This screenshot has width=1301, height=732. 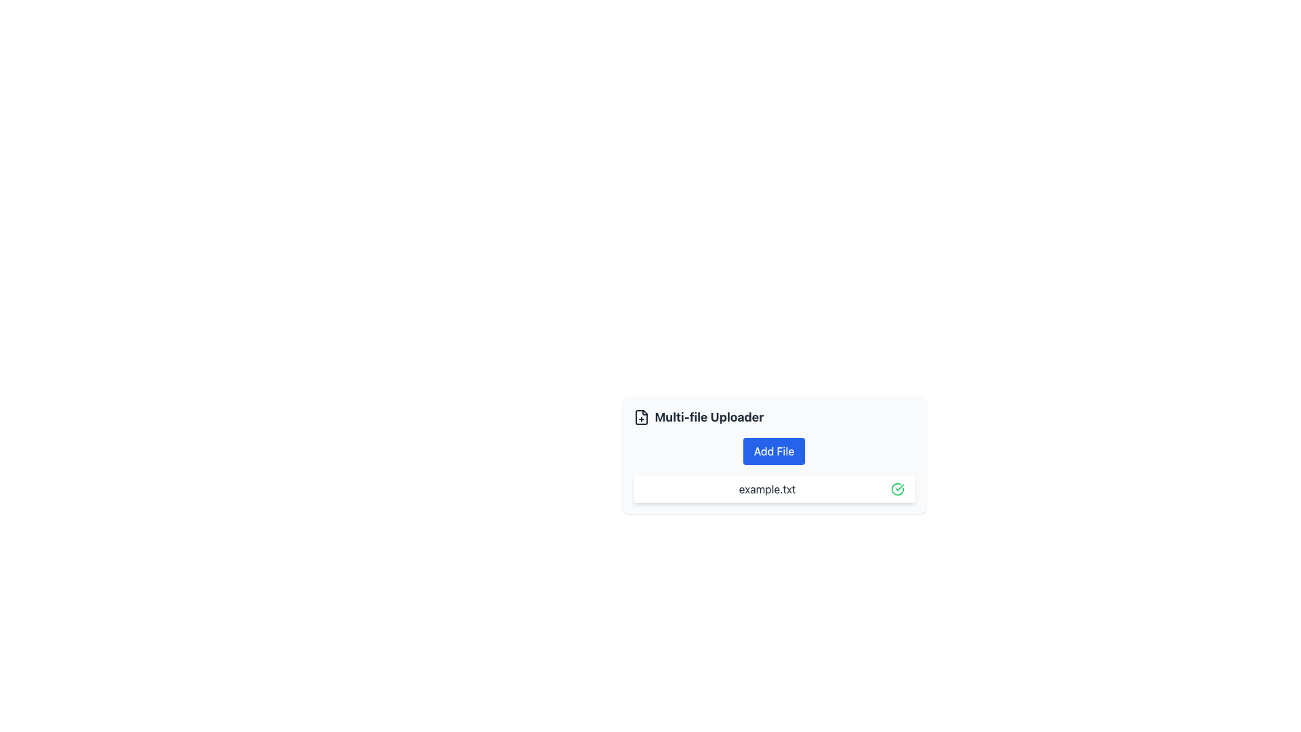 What do you see at coordinates (774, 451) in the screenshot?
I see `the upload button within the 'Multi-file Uploader' component` at bounding box center [774, 451].